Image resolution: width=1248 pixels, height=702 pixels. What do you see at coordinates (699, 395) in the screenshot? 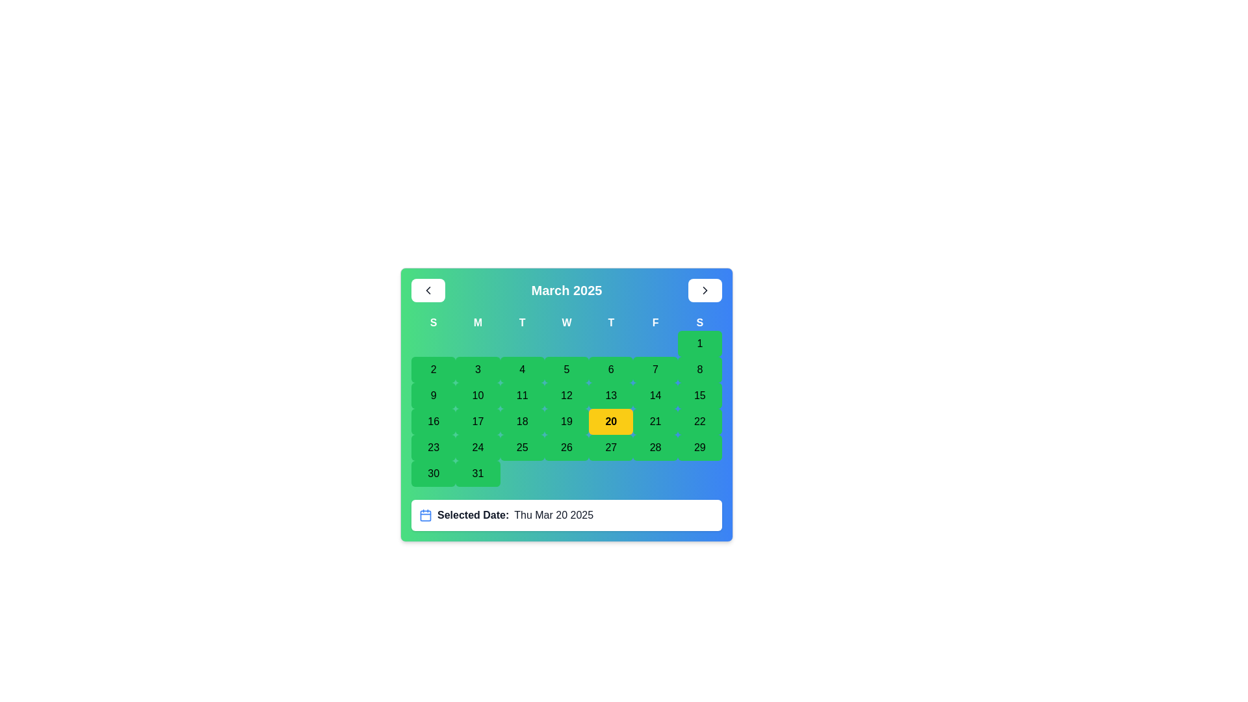
I see `the green button labeled '15'` at bounding box center [699, 395].